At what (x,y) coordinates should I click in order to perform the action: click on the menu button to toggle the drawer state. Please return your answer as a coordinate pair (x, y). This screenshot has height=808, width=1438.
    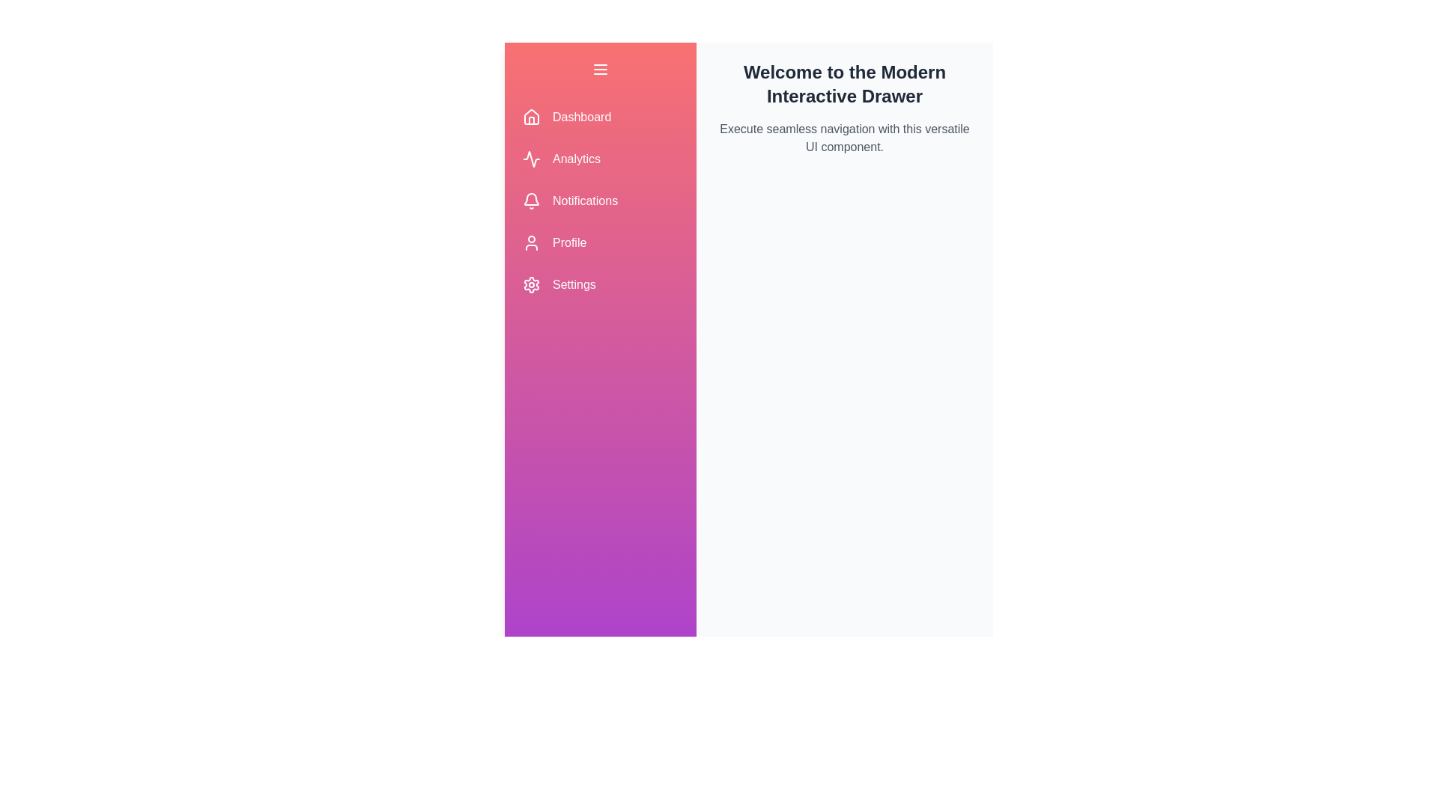
    Looking at the image, I should click on (600, 69).